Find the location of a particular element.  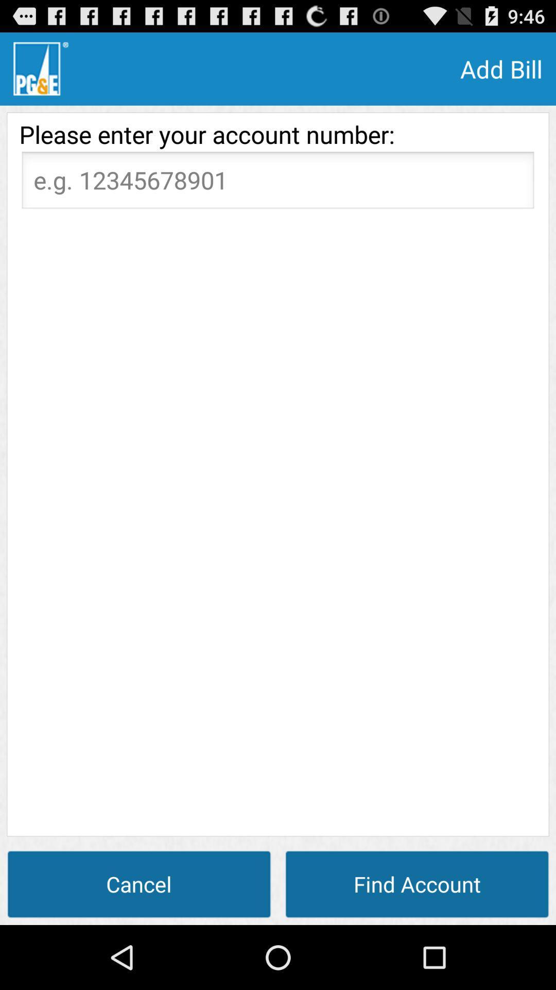

item to the left of the add bill icon is located at coordinates (40, 68).